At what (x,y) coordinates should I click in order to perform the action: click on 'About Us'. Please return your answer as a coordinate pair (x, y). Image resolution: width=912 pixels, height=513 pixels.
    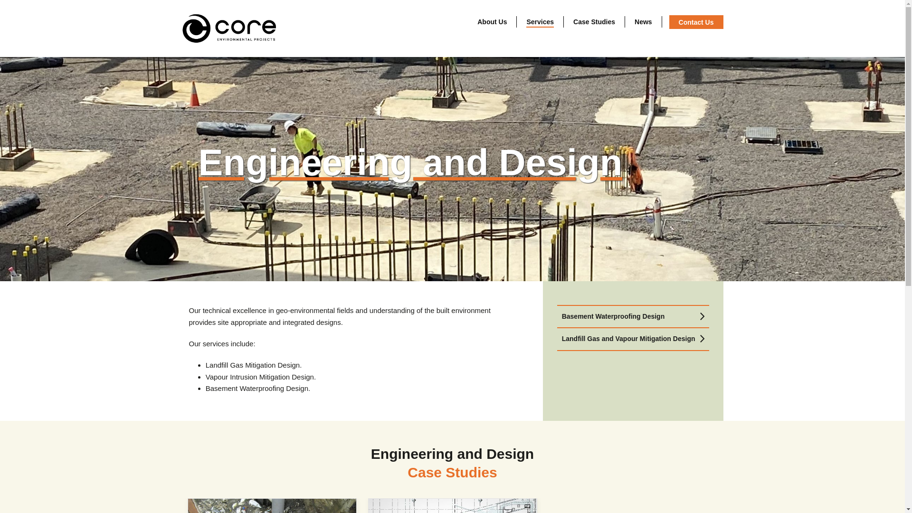
    Looking at the image, I should click on (492, 21).